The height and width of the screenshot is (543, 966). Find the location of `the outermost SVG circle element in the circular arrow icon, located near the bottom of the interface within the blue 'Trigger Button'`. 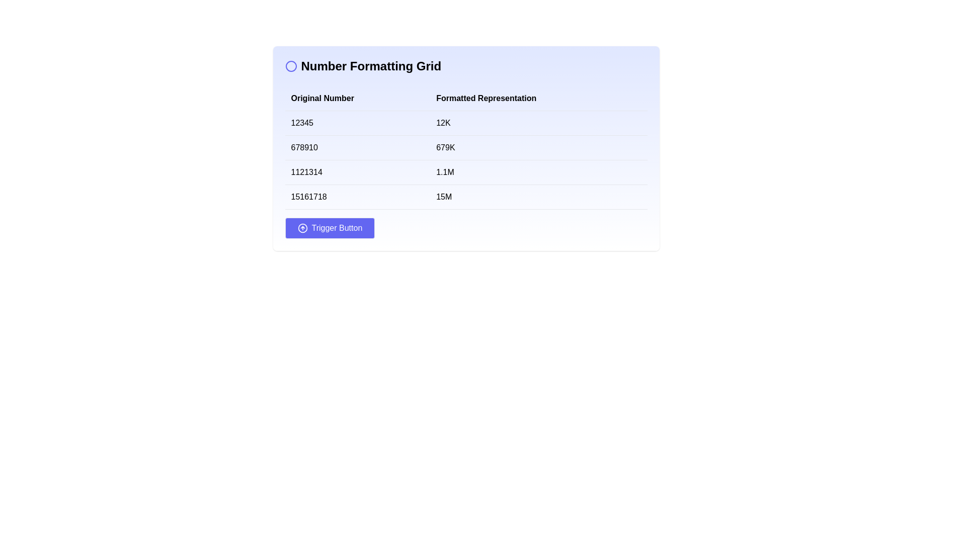

the outermost SVG circle element in the circular arrow icon, located near the bottom of the interface within the blue 'Trigger Button' is located at coordinates (302, 228).